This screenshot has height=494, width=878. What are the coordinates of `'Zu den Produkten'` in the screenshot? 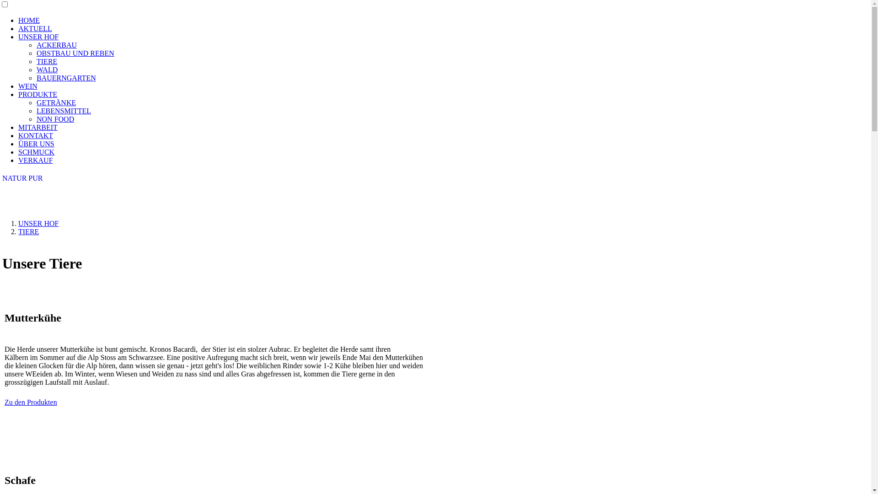 It's located at (31, 402).